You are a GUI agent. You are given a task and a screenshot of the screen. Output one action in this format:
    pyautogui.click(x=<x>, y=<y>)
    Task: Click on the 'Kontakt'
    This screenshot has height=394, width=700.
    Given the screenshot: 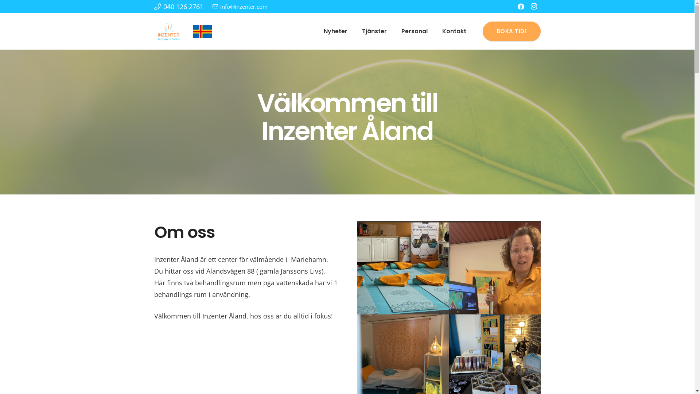 What is the action you would take?
    pyautogui.click(x=454, y=31)
    